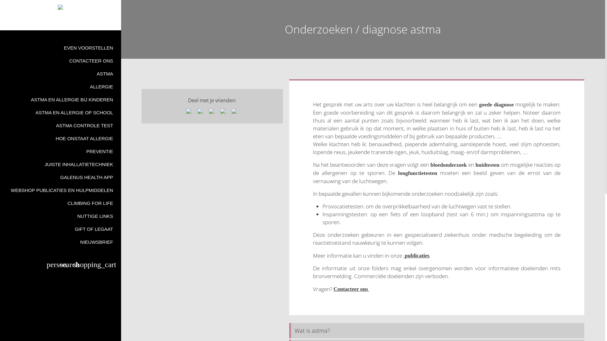  I want to click on 'Share via X', so click(200, 111).